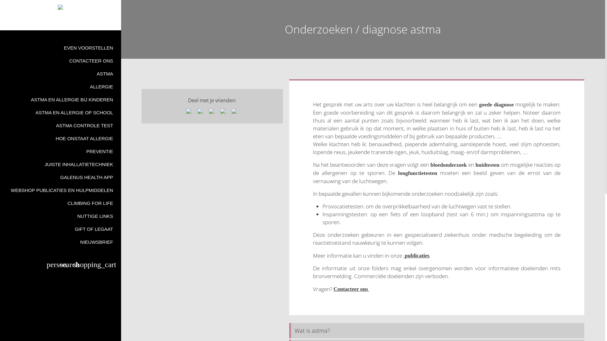  I want to click on 'Share via X', so click(200, 111).